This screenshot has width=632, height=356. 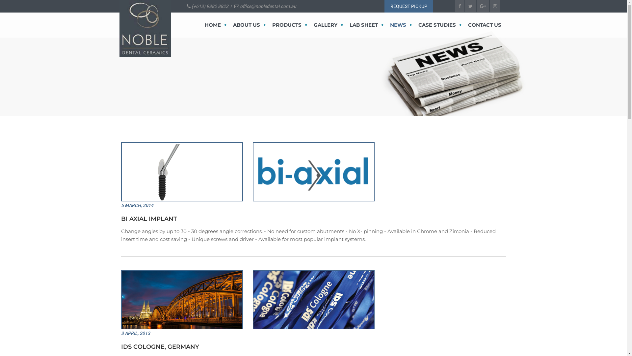 What do you see at coordinates (439, 25) in the screenshot?
I see `'CASE STUDIES'` at bounding box center [439, 25].